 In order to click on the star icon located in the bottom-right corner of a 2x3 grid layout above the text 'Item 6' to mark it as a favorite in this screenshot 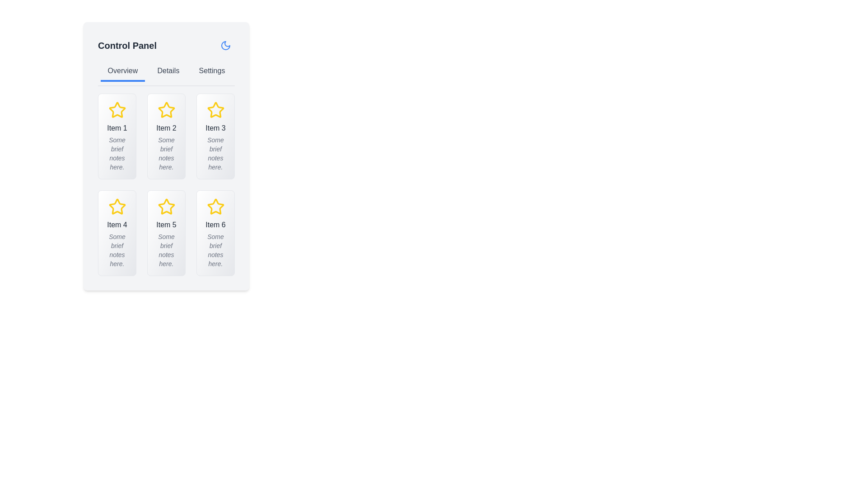, I will do `click(215, 207)`.